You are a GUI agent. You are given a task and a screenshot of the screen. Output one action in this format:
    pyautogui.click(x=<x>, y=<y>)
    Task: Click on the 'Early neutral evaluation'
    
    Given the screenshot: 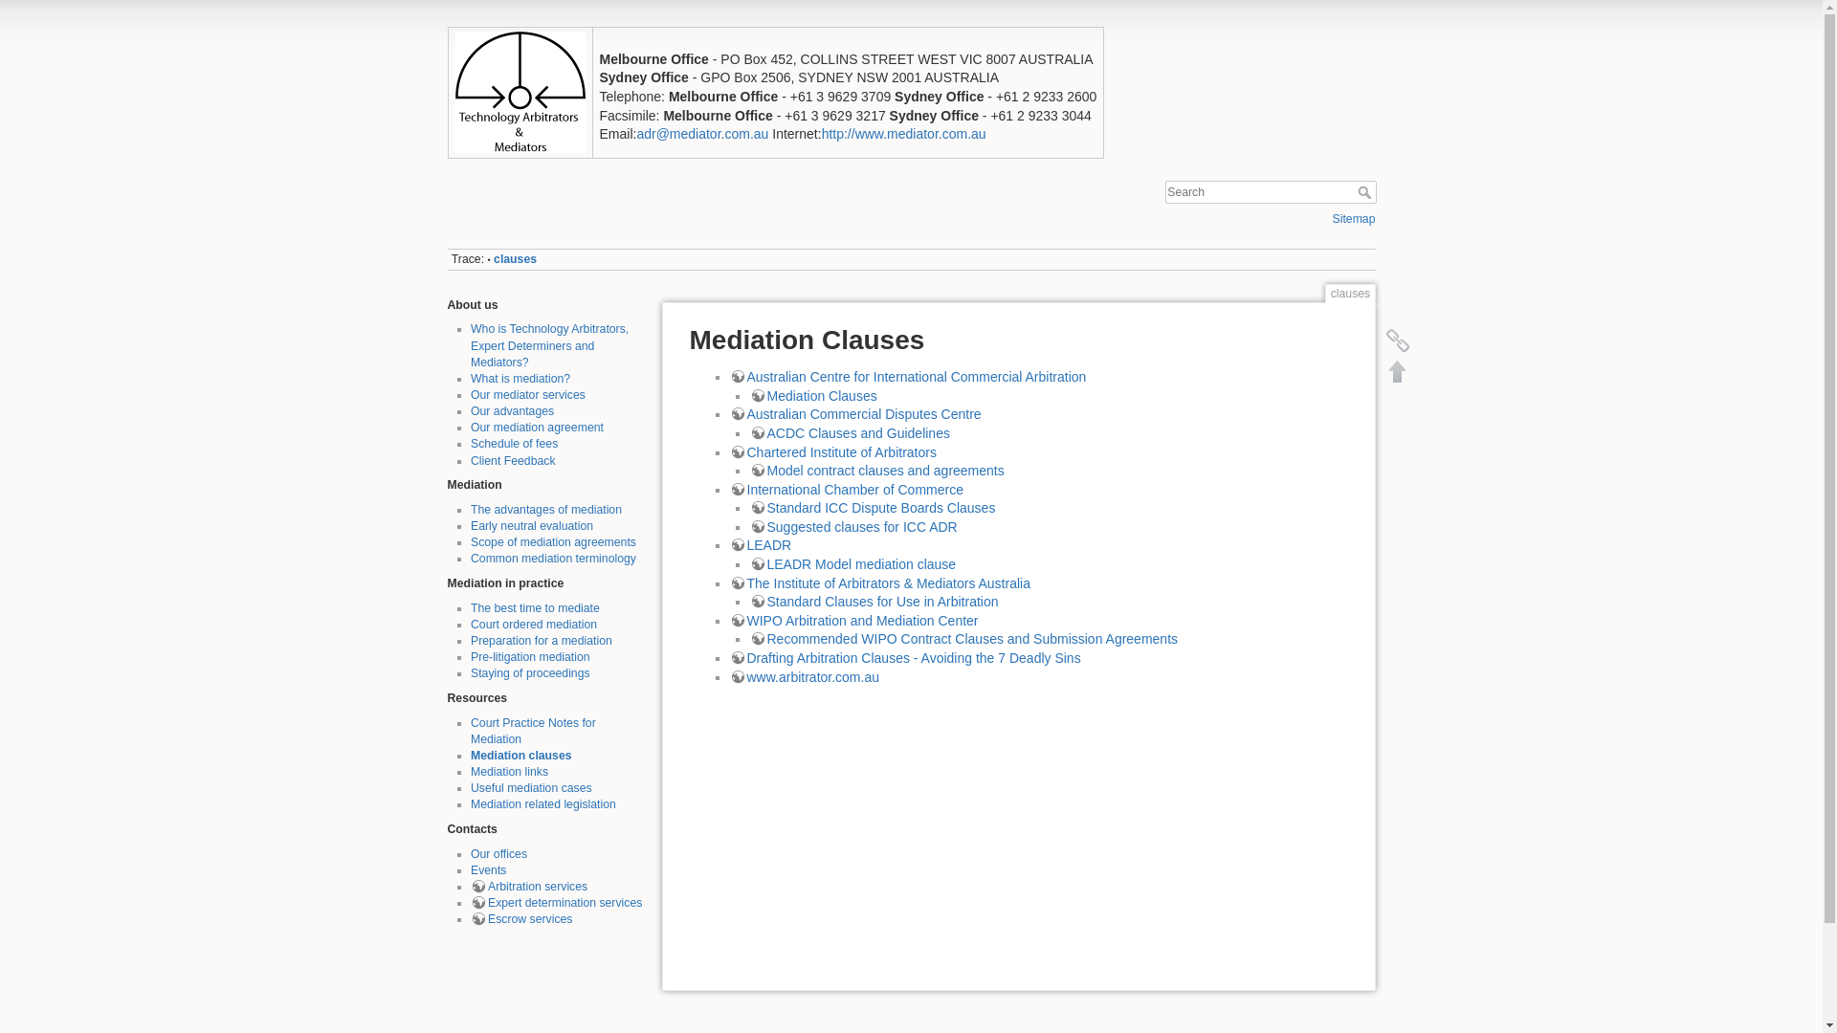 What is the action you would take?
    pyautogui.click(x=532, y=526)
    